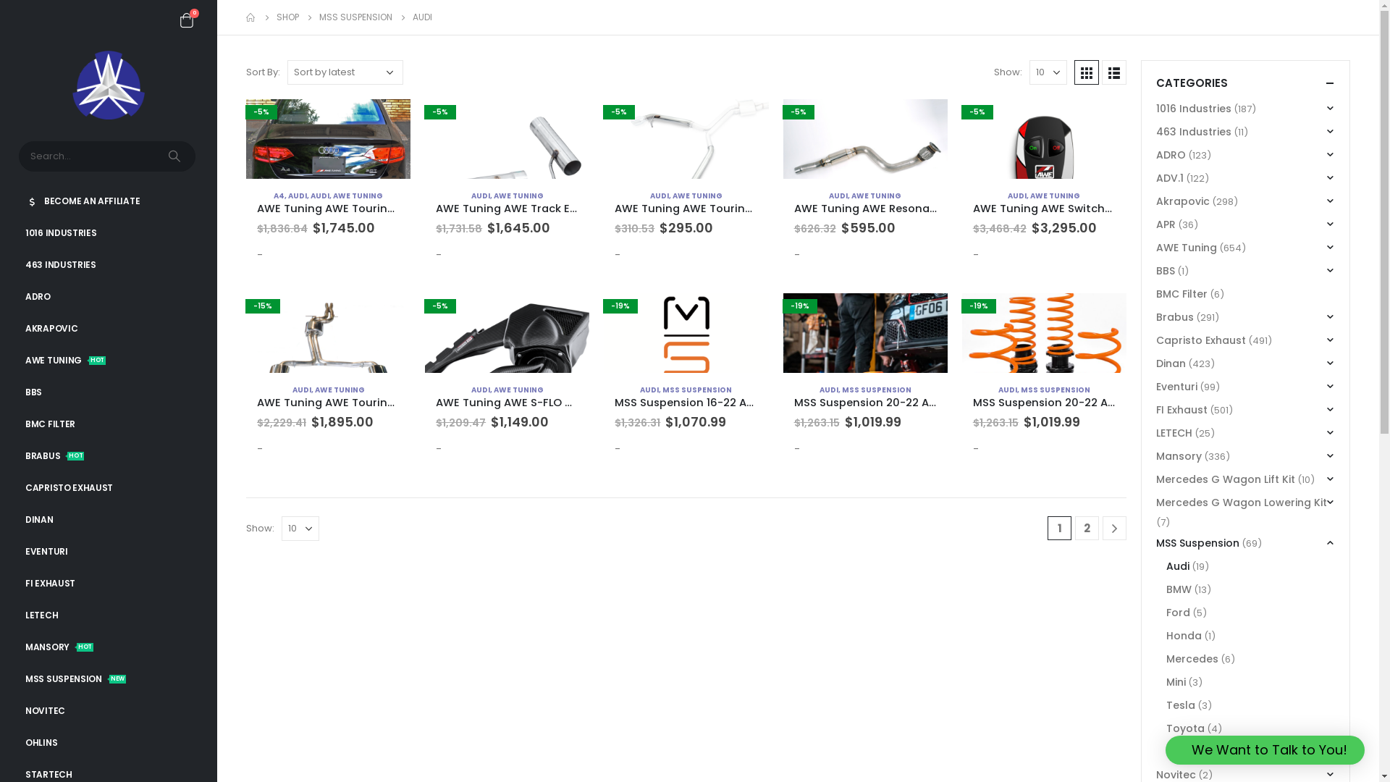 The image size is (1390, 782). What do you see at coordinates (107, 85) in the screenshot?
I see `'3W Distributing Shop - #1 Premier BRABUS Dealer USA'` at bounding box center [107, 85].